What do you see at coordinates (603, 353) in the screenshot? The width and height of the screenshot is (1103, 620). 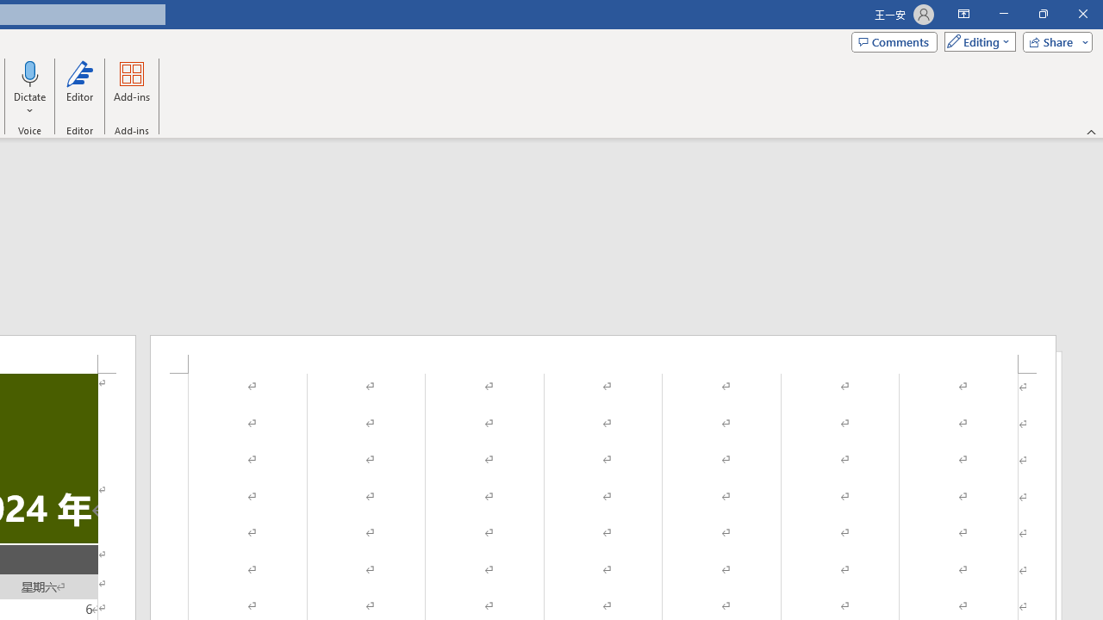 I see `'Header -Section 1-'` at bounding box center [603, 353].